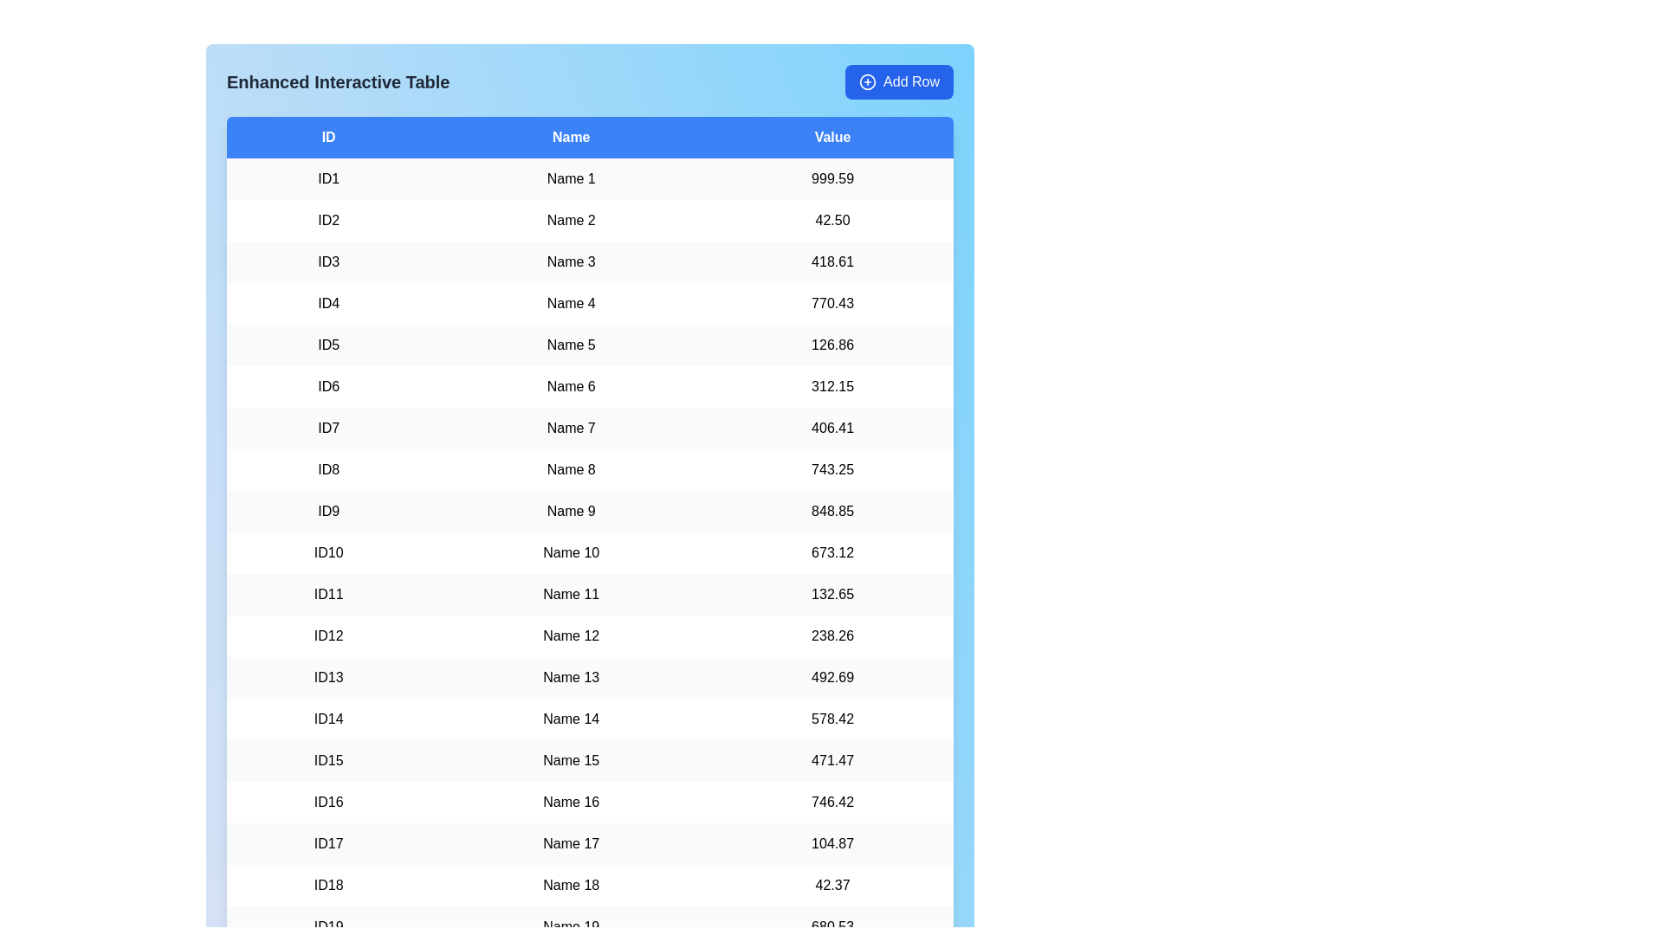  What do you see at coordinates (898, 82) in the screenshot?
I see `the 'Add Row' button to add a new row to the table` at bounding box center [898, 82].